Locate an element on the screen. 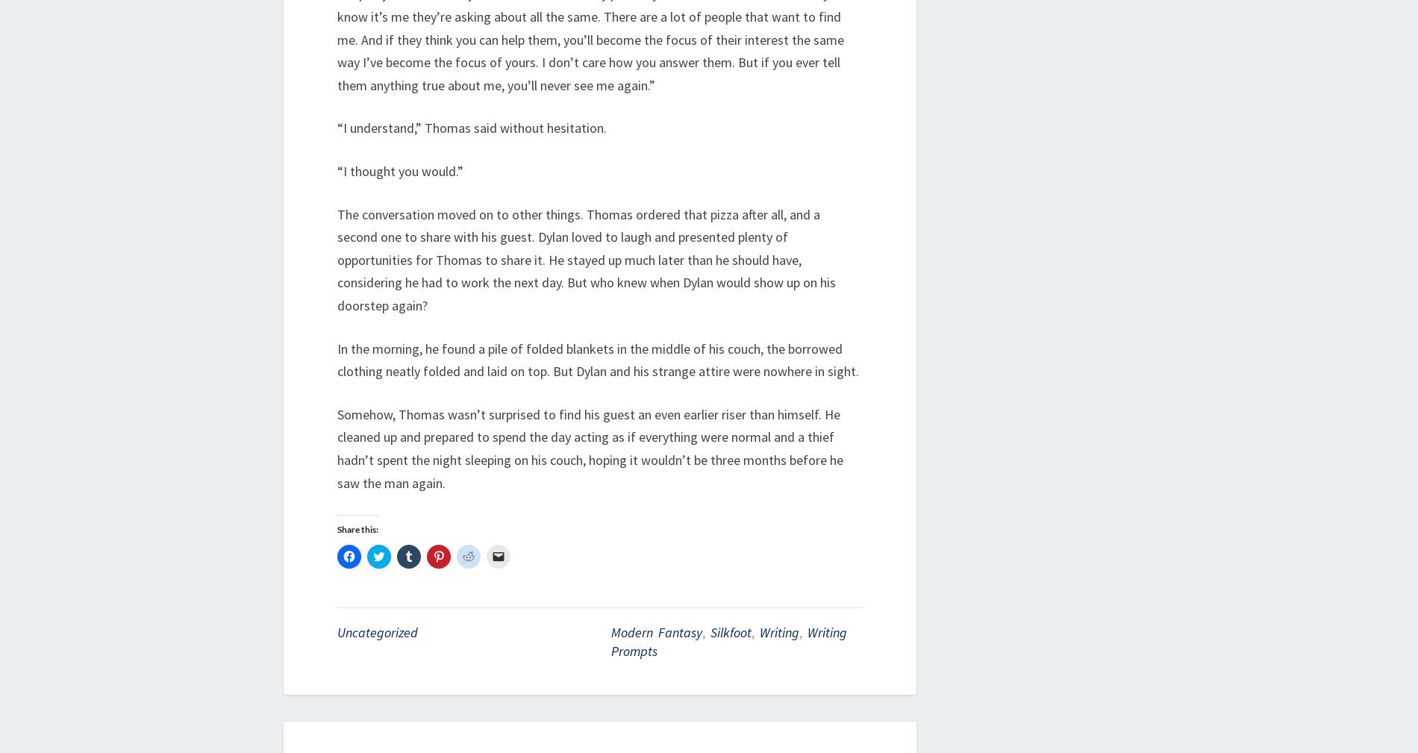 The width and height of the screenshot is (1418, 753). 'writing' is located at coordinates (759, 631).